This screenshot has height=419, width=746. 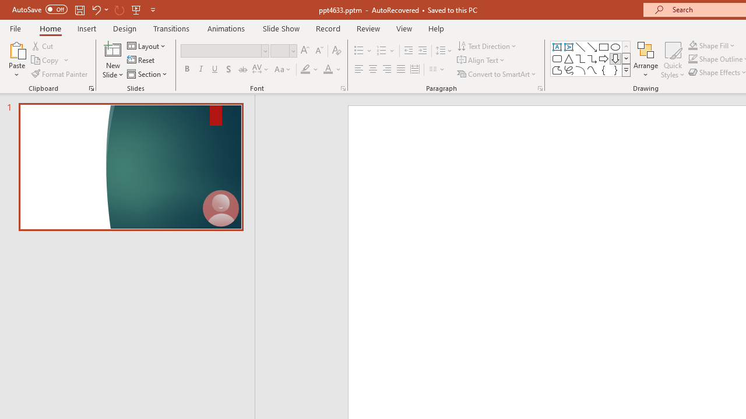 I want to click on 'Shape Fill Orange, Accent 2', so click(x=693, y=45).